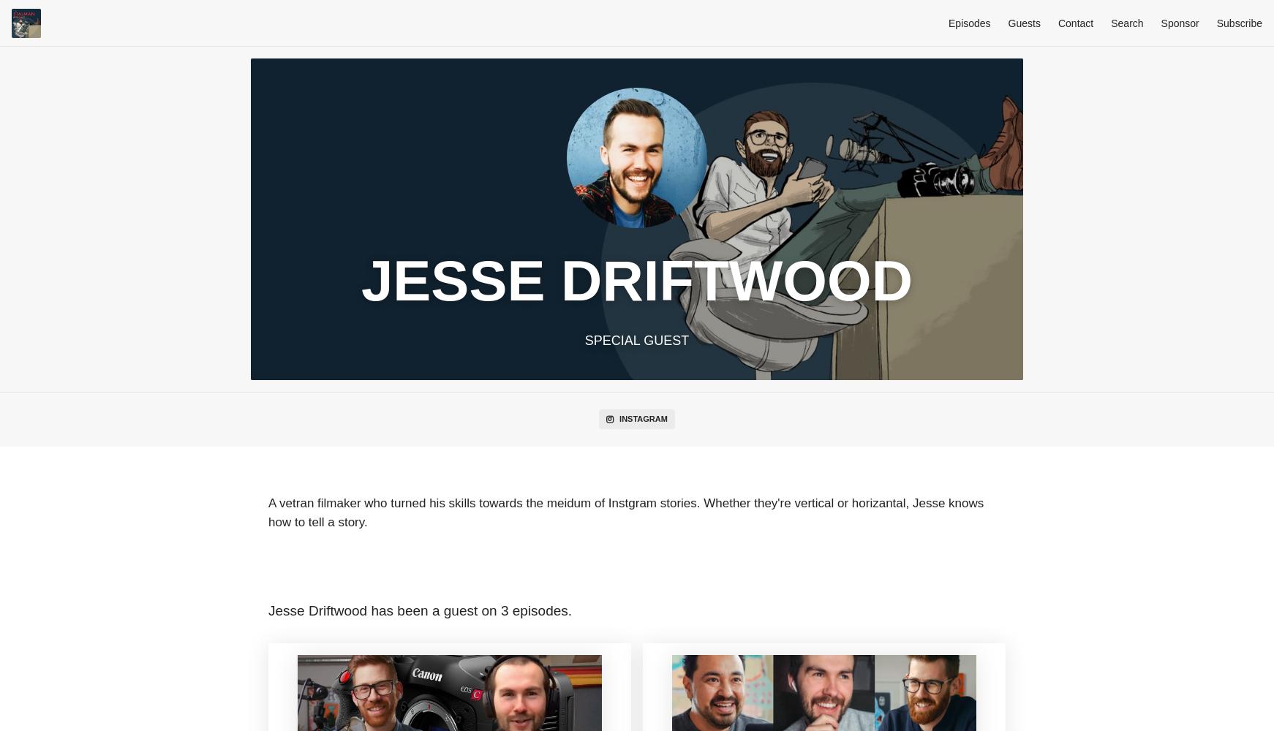  What do you see at coordinates (642, 418) in the screenshot?
I see `'Instagram'` at bounding box center [642, 418].